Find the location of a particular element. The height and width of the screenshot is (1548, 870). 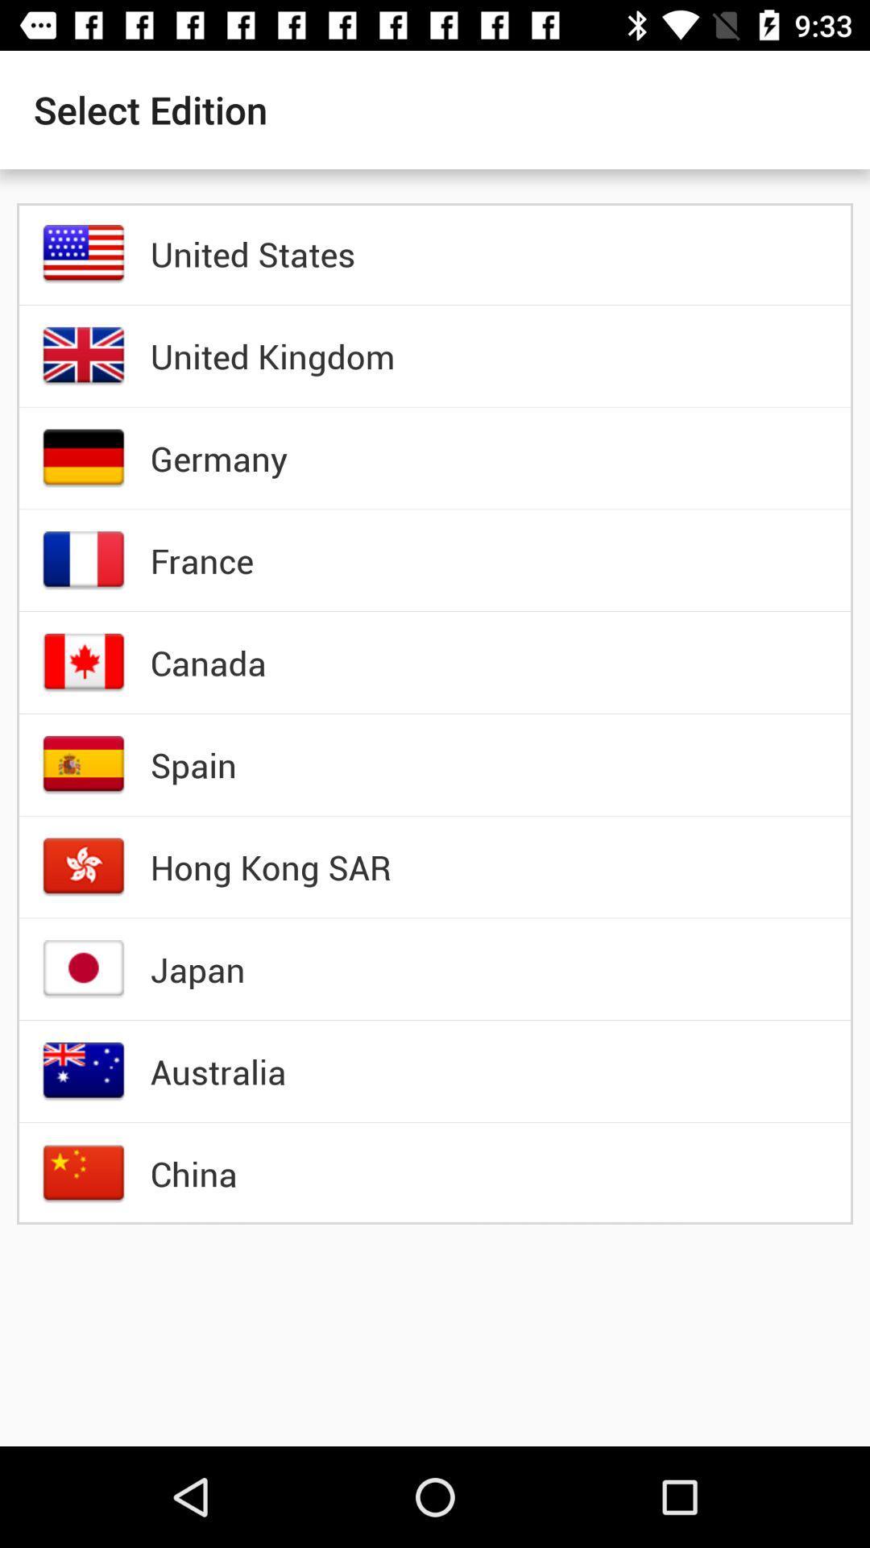

the item below the united states is located at coordinates (271, 355).